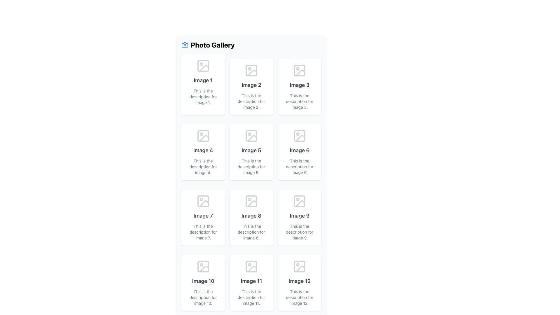  I want to click on the Informational Card for 'Image 2' in the Photo Gallery, so click(251, 87).